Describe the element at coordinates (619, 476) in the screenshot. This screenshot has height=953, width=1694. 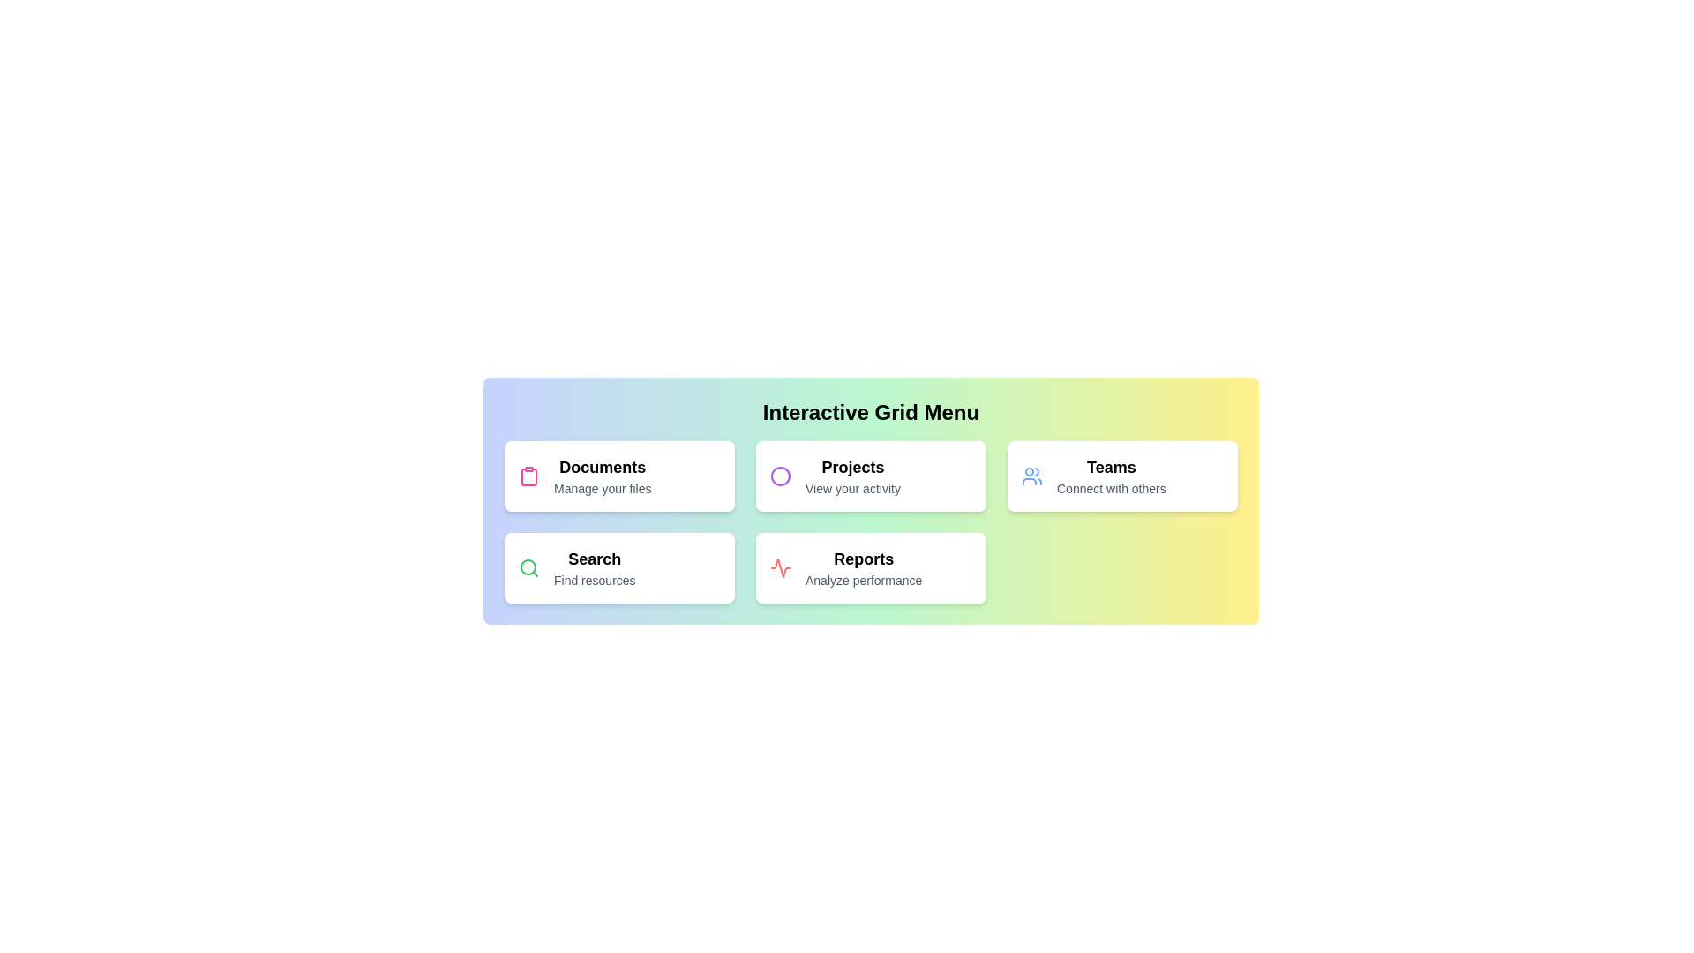
I see `the Documents menu item to select it` at that location.